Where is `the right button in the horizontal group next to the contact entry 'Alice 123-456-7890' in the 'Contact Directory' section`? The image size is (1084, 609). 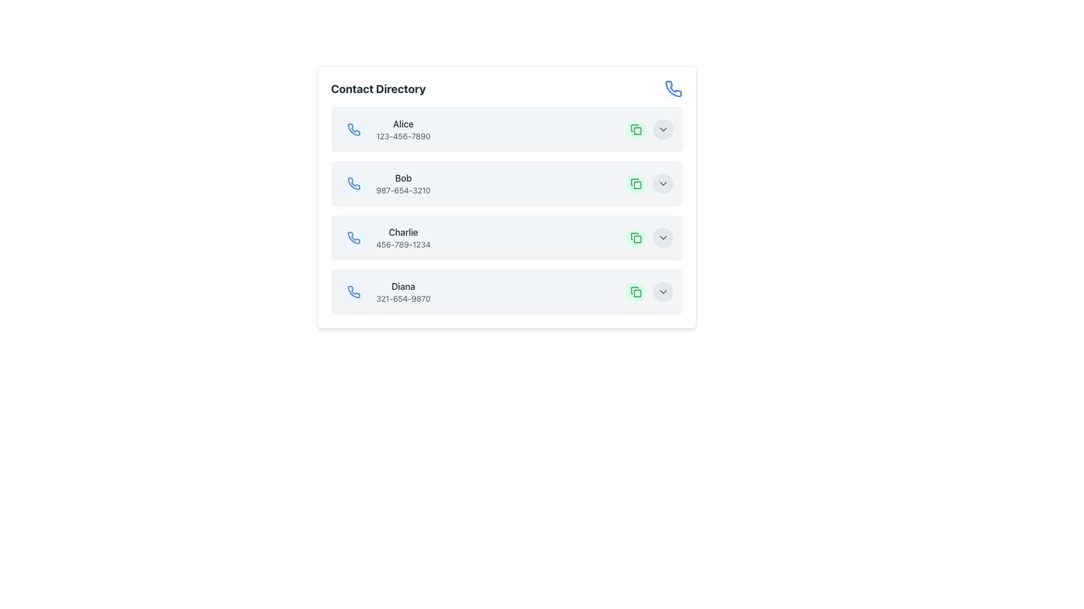 the right button in the horizontal group next to the contact entry 'Alice 123-456-7890' in the 'Contact Directory' section is located at coordinates (649, 129).